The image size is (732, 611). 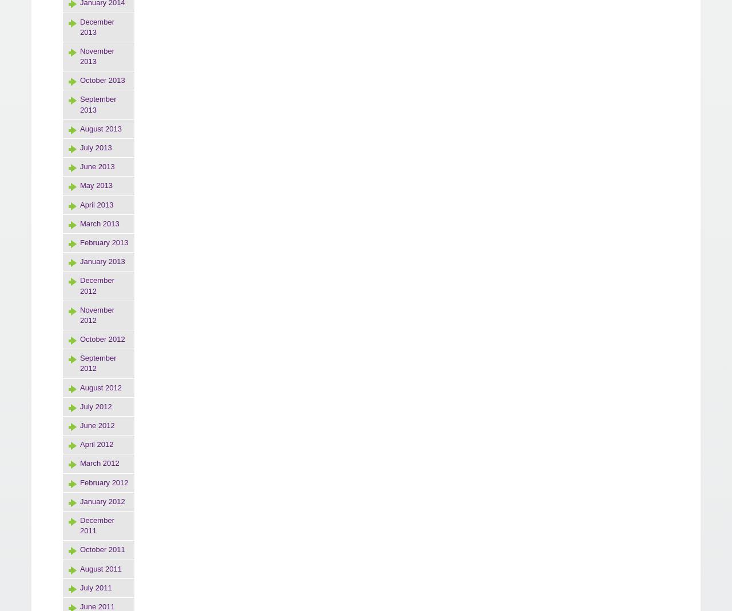 I want to click on 'September 2013', so click(x=79, y=104).